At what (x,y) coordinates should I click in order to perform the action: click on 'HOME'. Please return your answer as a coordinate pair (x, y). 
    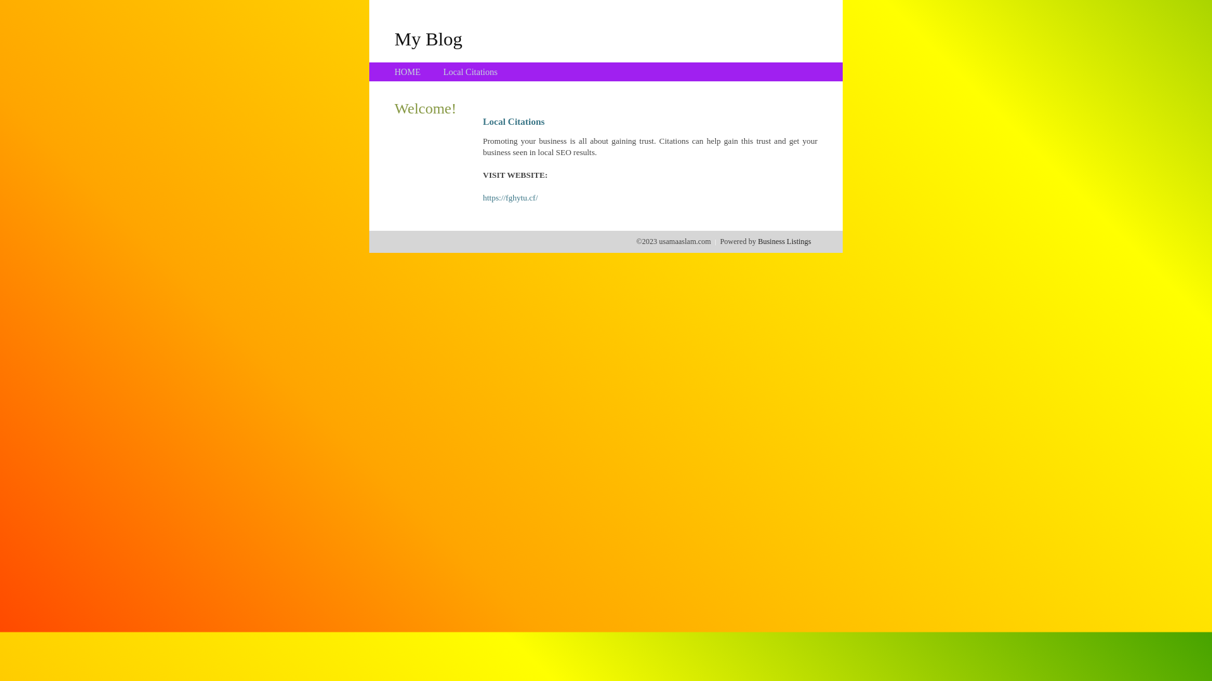
    Looking at the image, I should click on (407, 72).